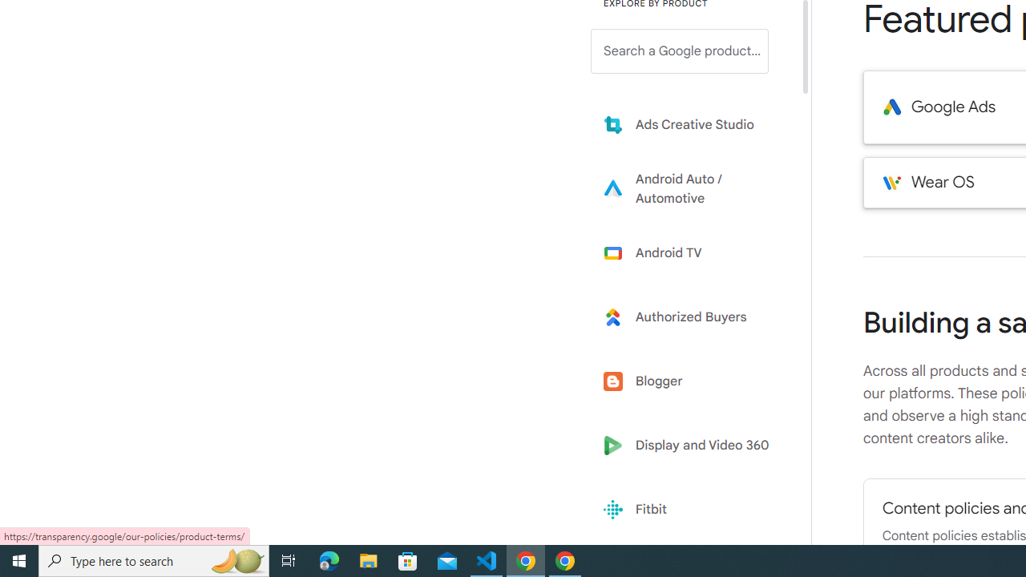 The width and height of the screenshot is (1026, 577). What do you see at coordinates (691, 381) in the screenshot?
I see `'Blogger'` at bounding box center [691, 381].